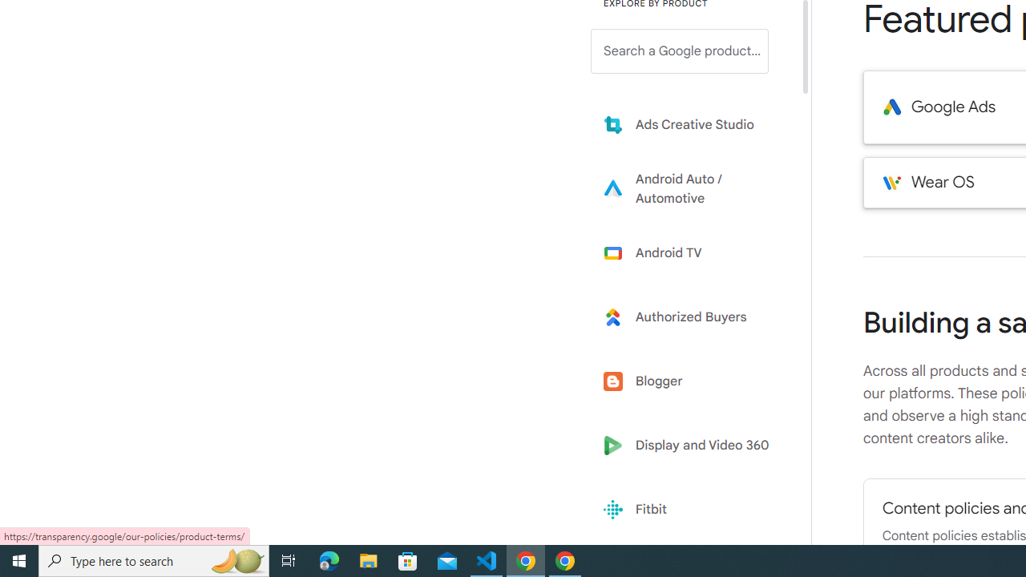 The width and height of the screenshot is (1026, 577). What do you see at coordinates (691, 381) in the screenshot?
I see `'Blogger'` at bounding box center [691, 381].